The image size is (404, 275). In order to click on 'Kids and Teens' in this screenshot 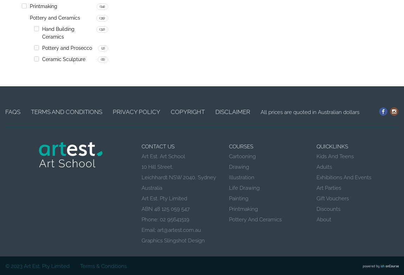, I will do `click(335, 156)`.